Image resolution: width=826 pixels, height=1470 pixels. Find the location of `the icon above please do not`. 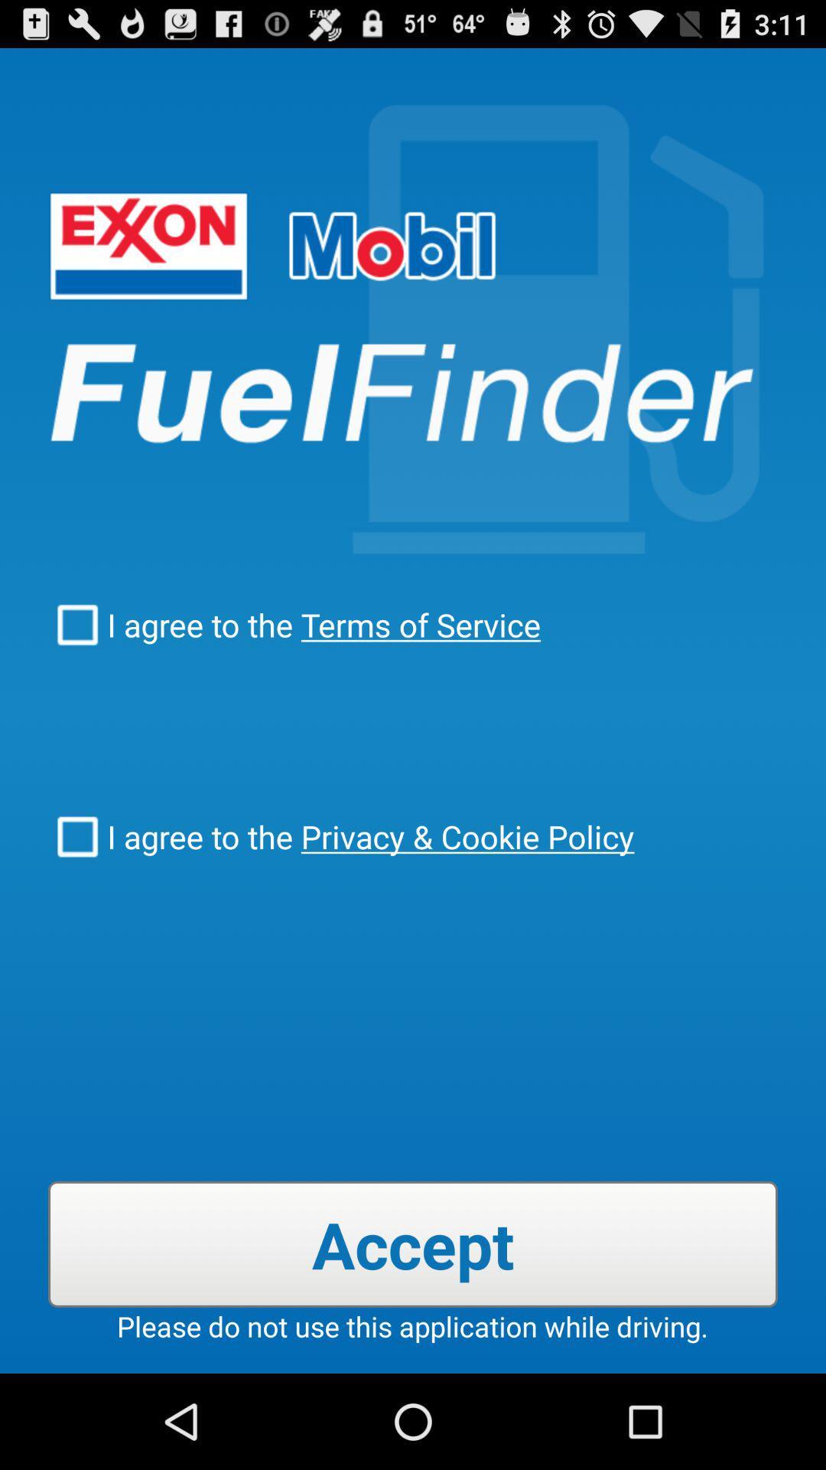

the icon above please do not is located at coordinates (413, 1244).